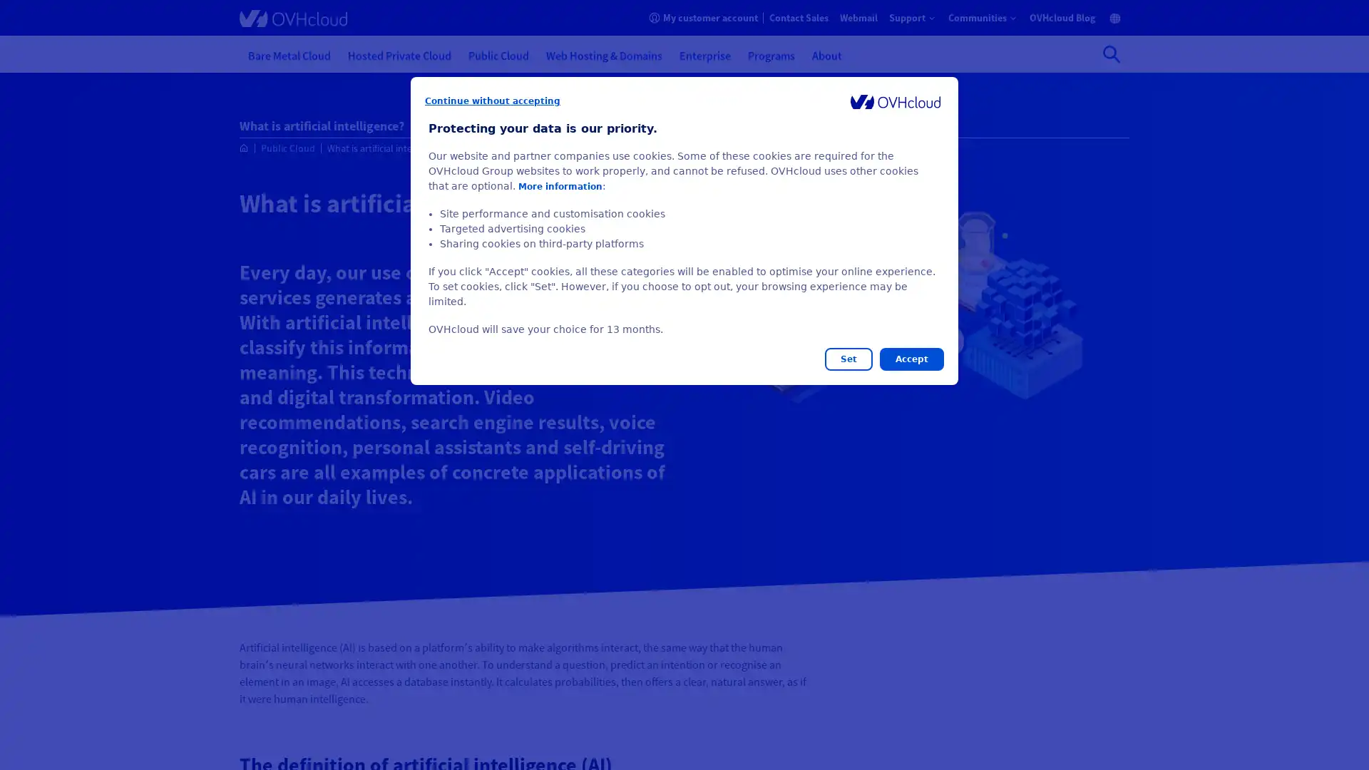 The width and height of the screenshot is (1369, 770). I want to click on Continue without accepting, so click(493, 101).